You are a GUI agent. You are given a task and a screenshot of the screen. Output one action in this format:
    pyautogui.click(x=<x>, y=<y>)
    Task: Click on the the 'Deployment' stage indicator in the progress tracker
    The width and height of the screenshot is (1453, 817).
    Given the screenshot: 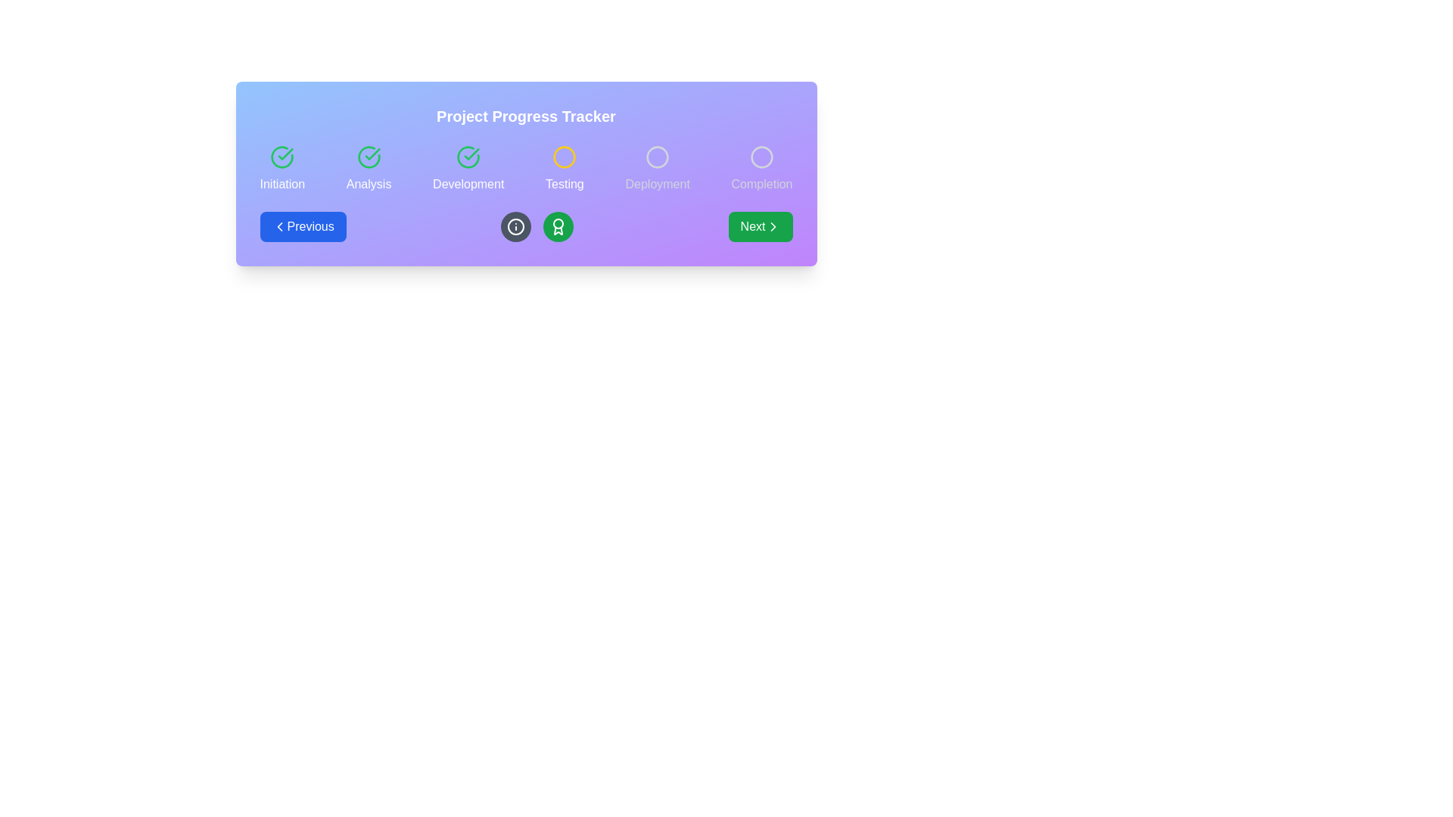 What is the action you would take?
    pyautogui.click(x=658, y=157)
    